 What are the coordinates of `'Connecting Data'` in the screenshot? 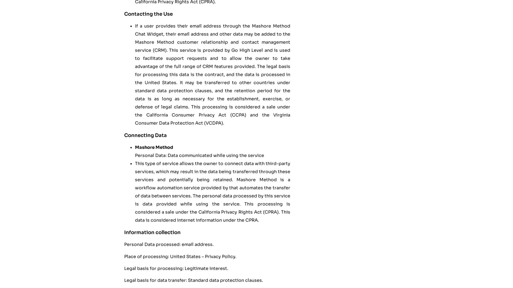 It's located at (146, 135).